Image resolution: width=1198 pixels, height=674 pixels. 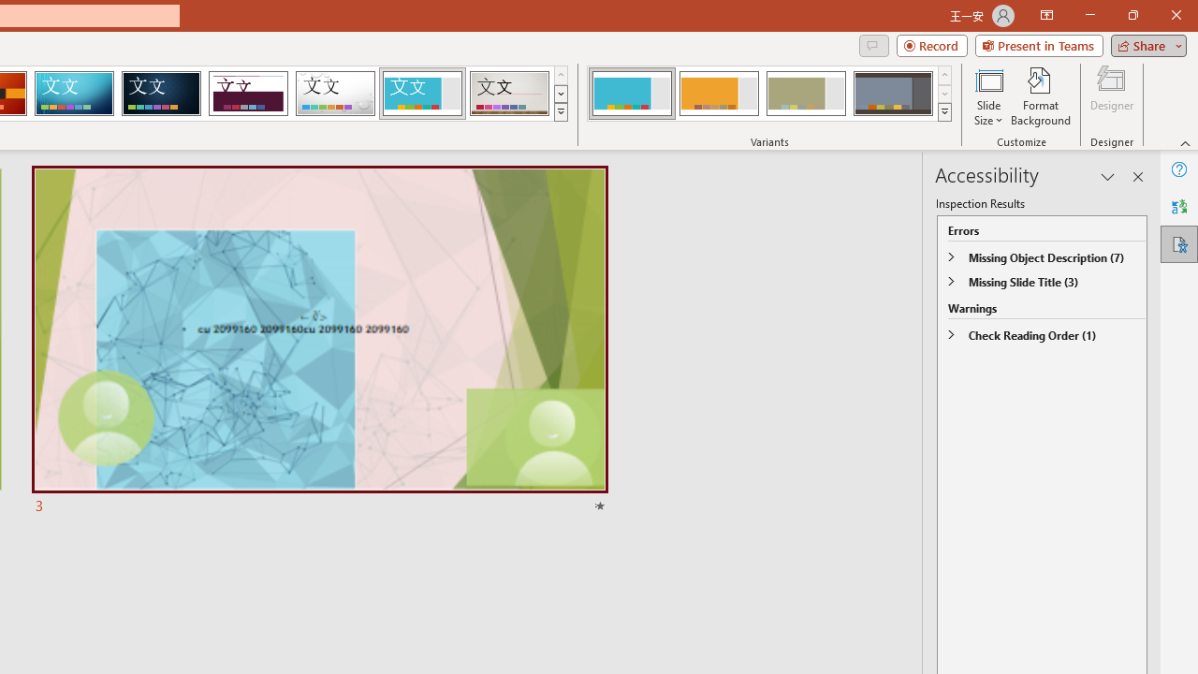 I want to click on 'AutomationID: ThemeVariantsGallery', so click(x=770, y=94).